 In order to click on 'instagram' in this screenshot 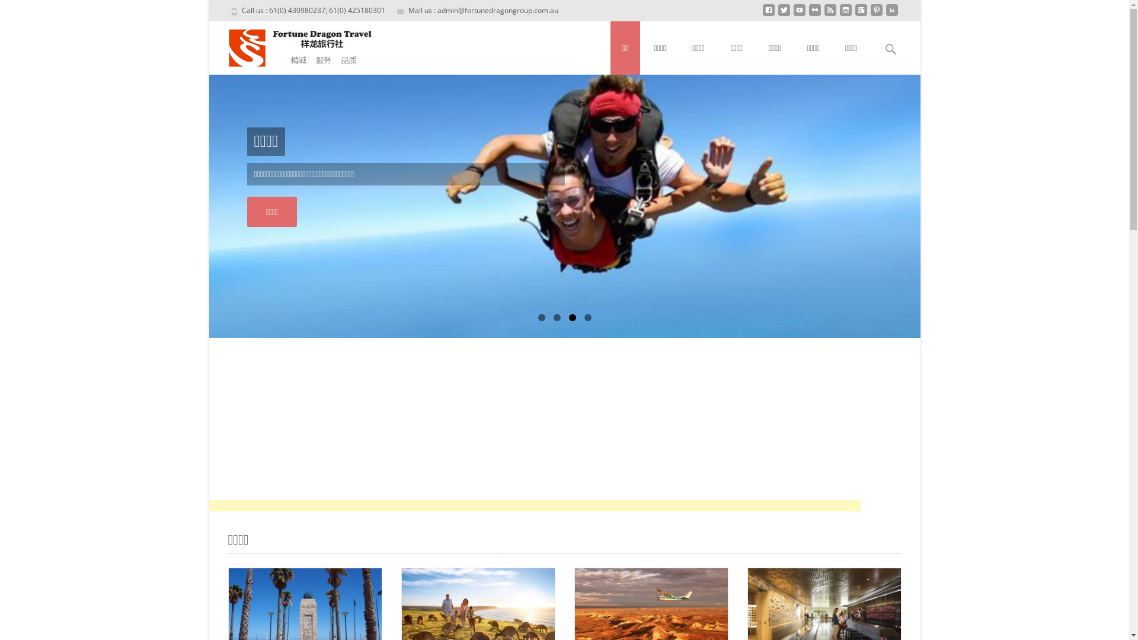, I will do `click(844, 14)`.